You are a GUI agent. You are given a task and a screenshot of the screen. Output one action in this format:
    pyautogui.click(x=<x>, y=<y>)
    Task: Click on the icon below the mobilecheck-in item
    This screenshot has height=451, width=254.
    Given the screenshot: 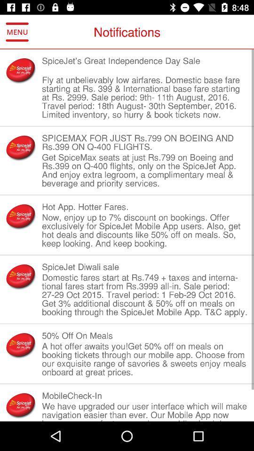 What is the action you would take?
    pyautogui.click(x=145, y=411)
    